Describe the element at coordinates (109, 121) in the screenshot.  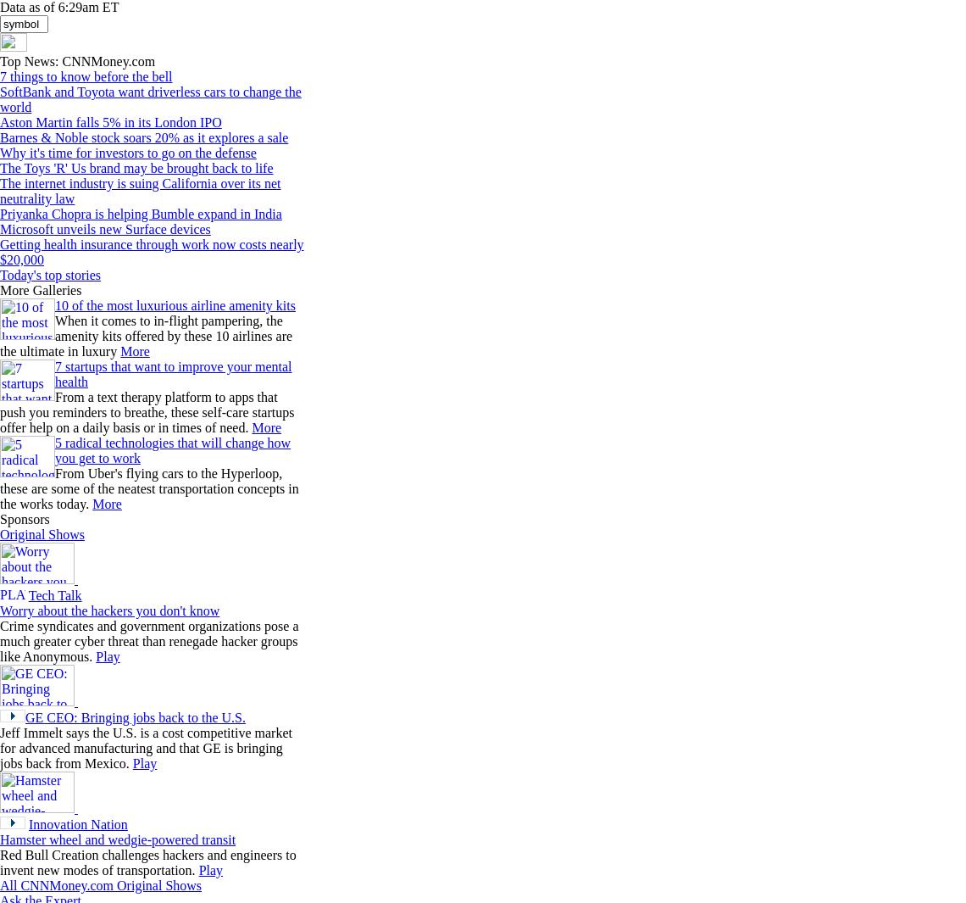
I see `'Aston Martin falls 5% in its London IPO'` at that location.